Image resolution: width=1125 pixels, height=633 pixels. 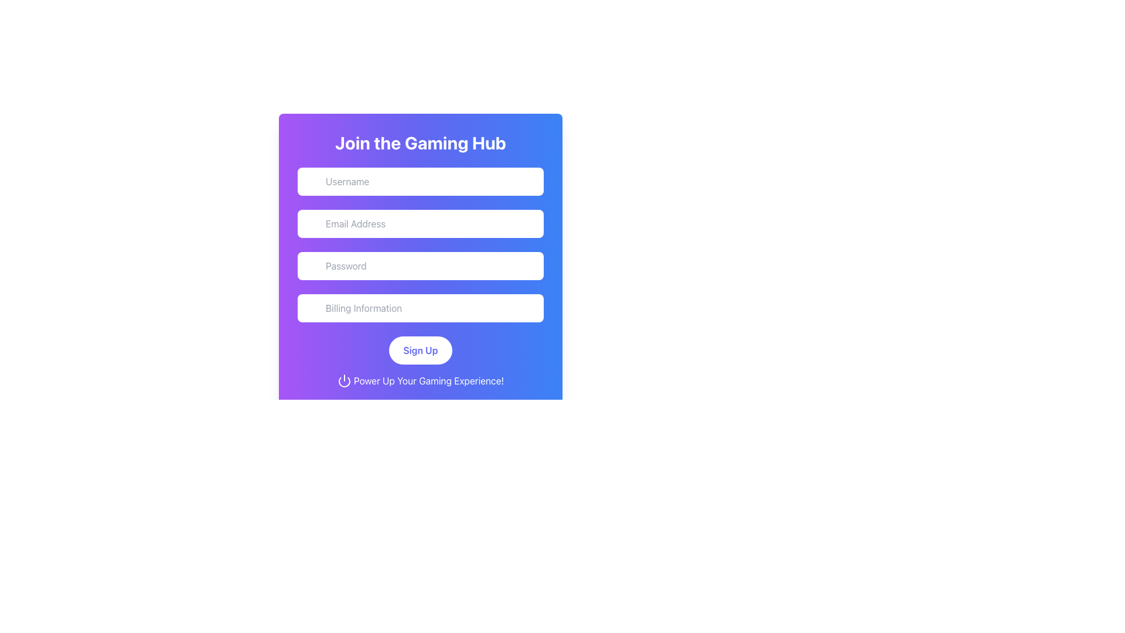 What do you see at coordinates (421, 249) in the screenshot?
I see `the input fields in the modal dialog titled 'Join the Gaming Hub'` at bounding box center [421, 249].